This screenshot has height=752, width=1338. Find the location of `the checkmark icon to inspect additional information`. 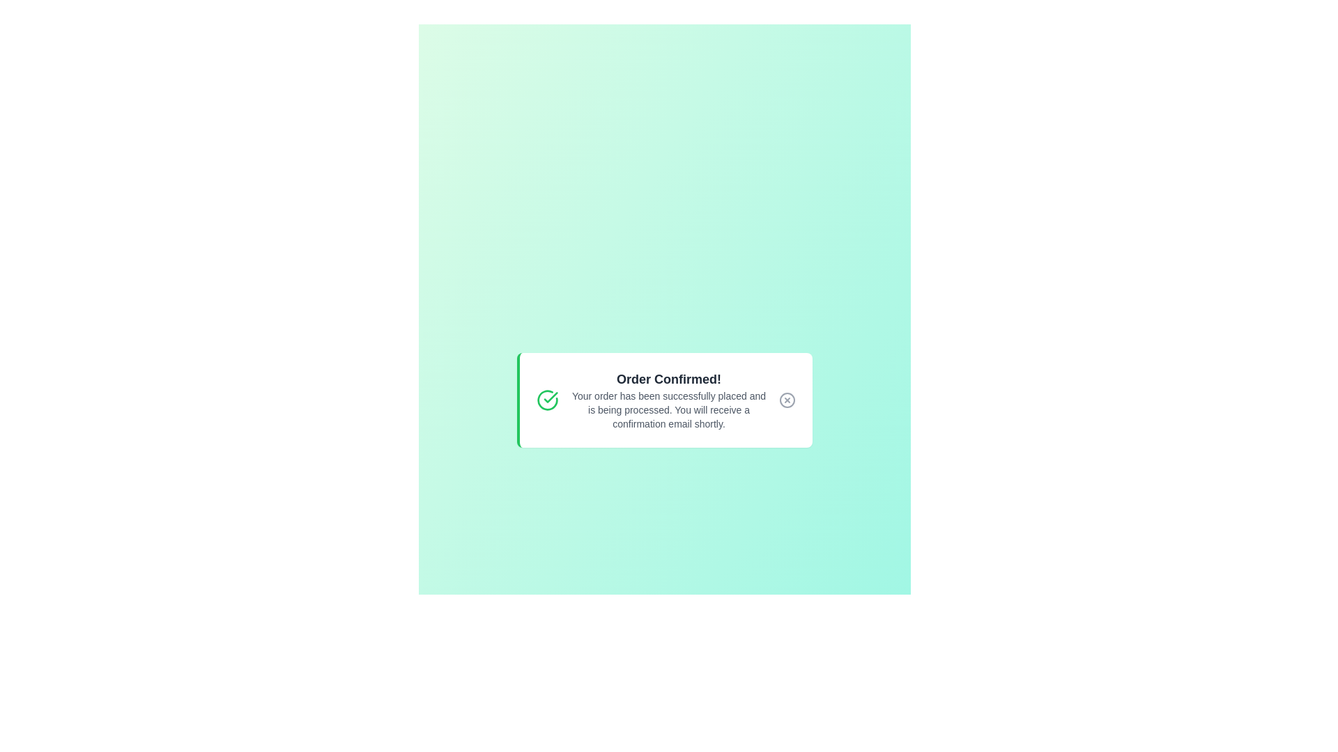

the checkmark icon to inspect additional information is located at coordinates (547, 400).